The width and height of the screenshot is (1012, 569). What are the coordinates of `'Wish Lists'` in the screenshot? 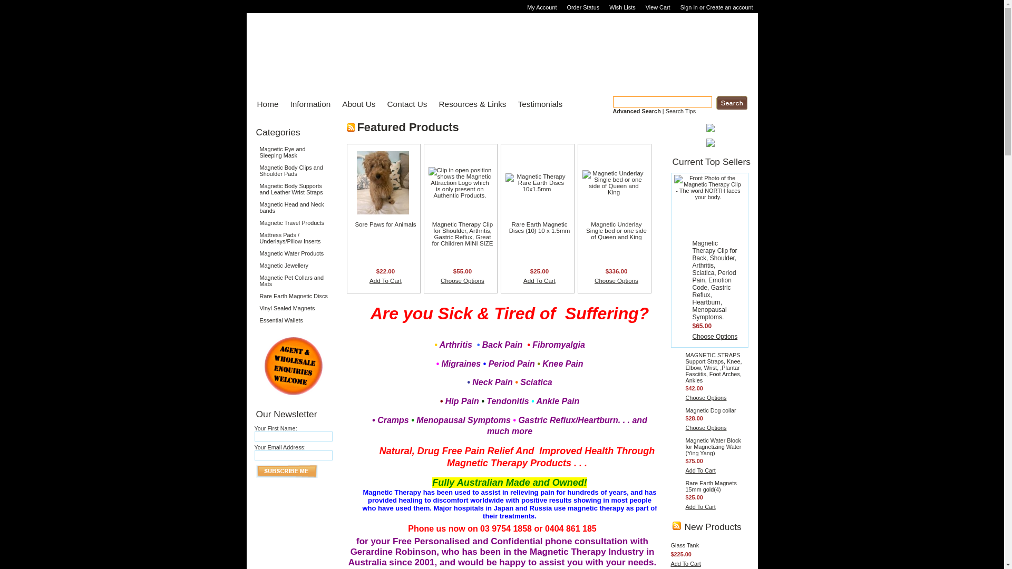 It's located at (624, 7).